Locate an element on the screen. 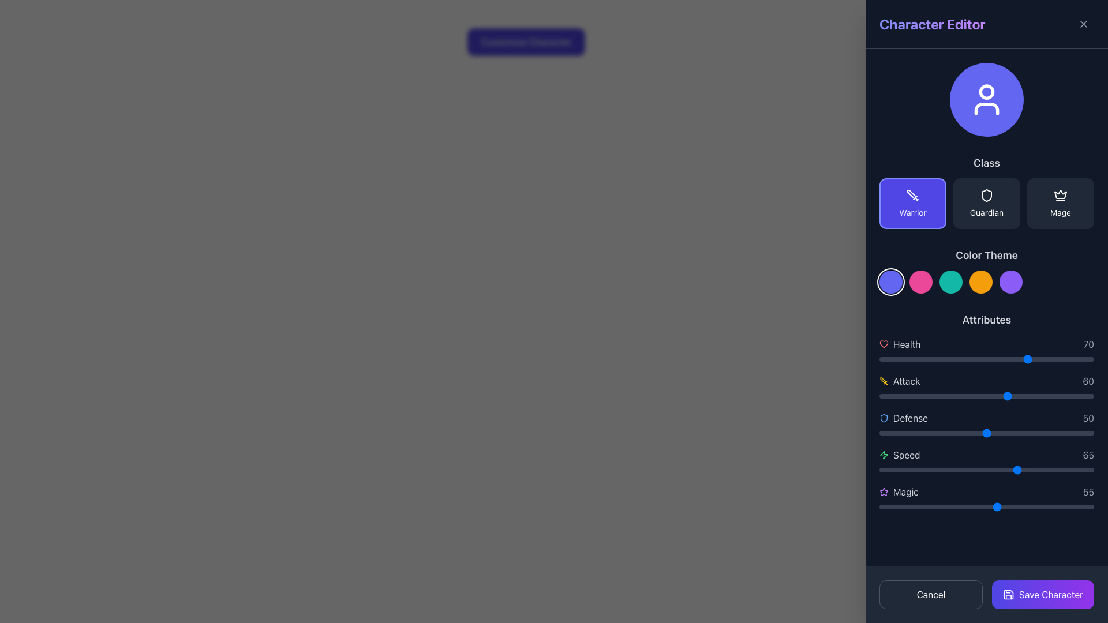 This screenshot has width=1108, height=623. the speed attribute is located at coordinates (1027, 470).